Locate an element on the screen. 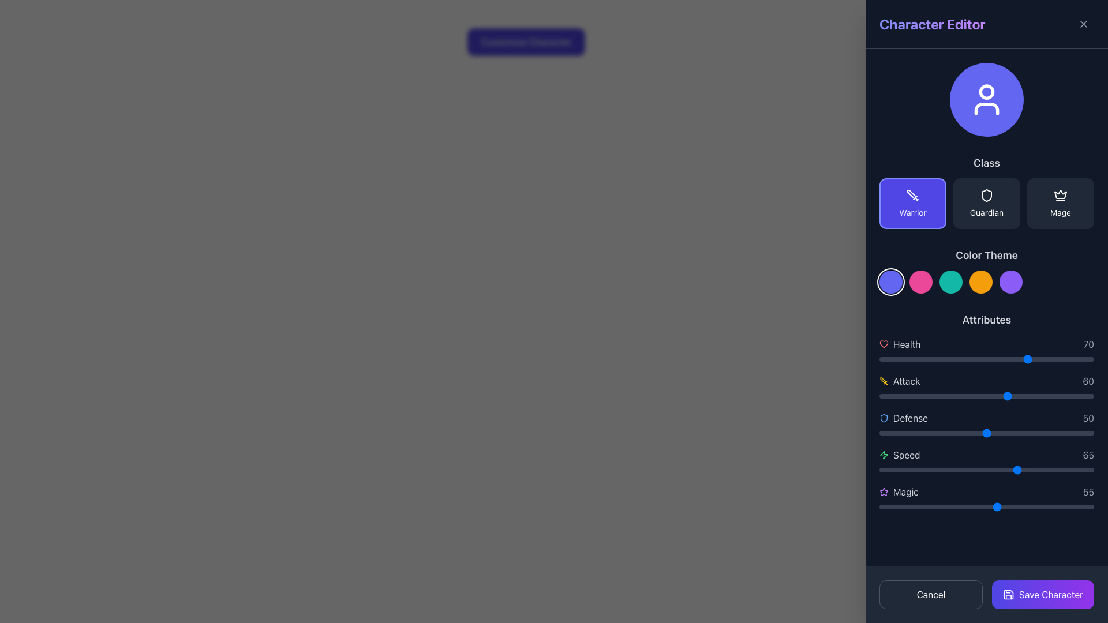 This screenshot has width=1108, height=623. the speed attribute is located at coordinates (1027, 470).